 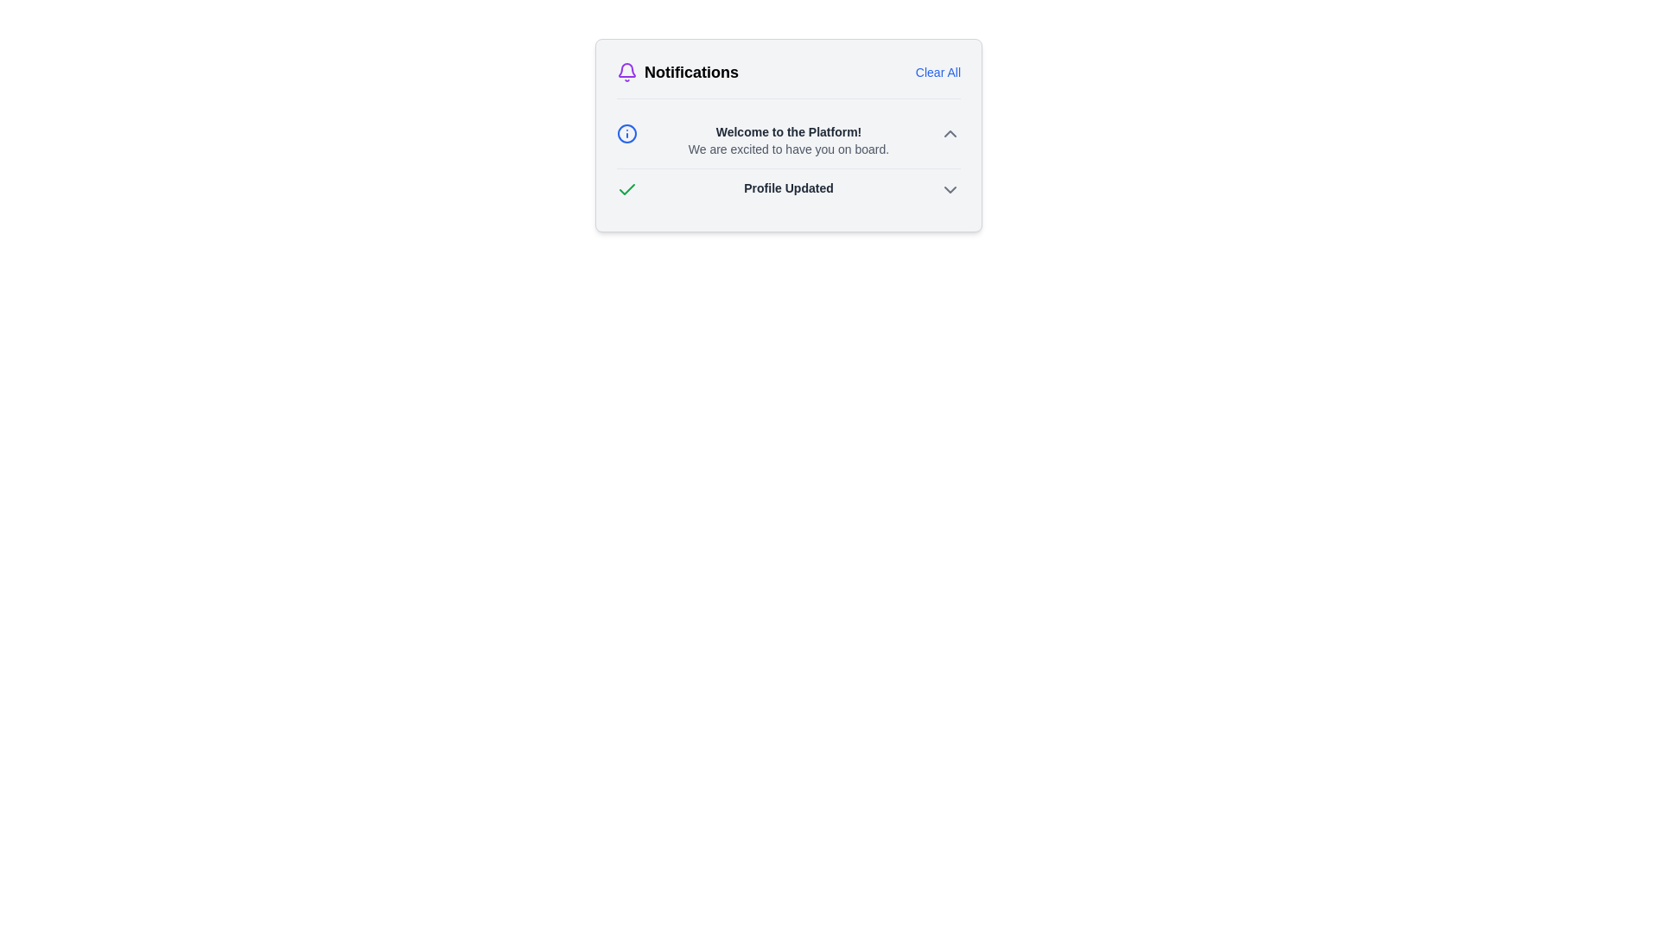 I want to click on the toggle button (chevron icon) located to the far-right of the notification titled 'Welcome to the Platform!' to observe a color change, so click(x=949, y=132).